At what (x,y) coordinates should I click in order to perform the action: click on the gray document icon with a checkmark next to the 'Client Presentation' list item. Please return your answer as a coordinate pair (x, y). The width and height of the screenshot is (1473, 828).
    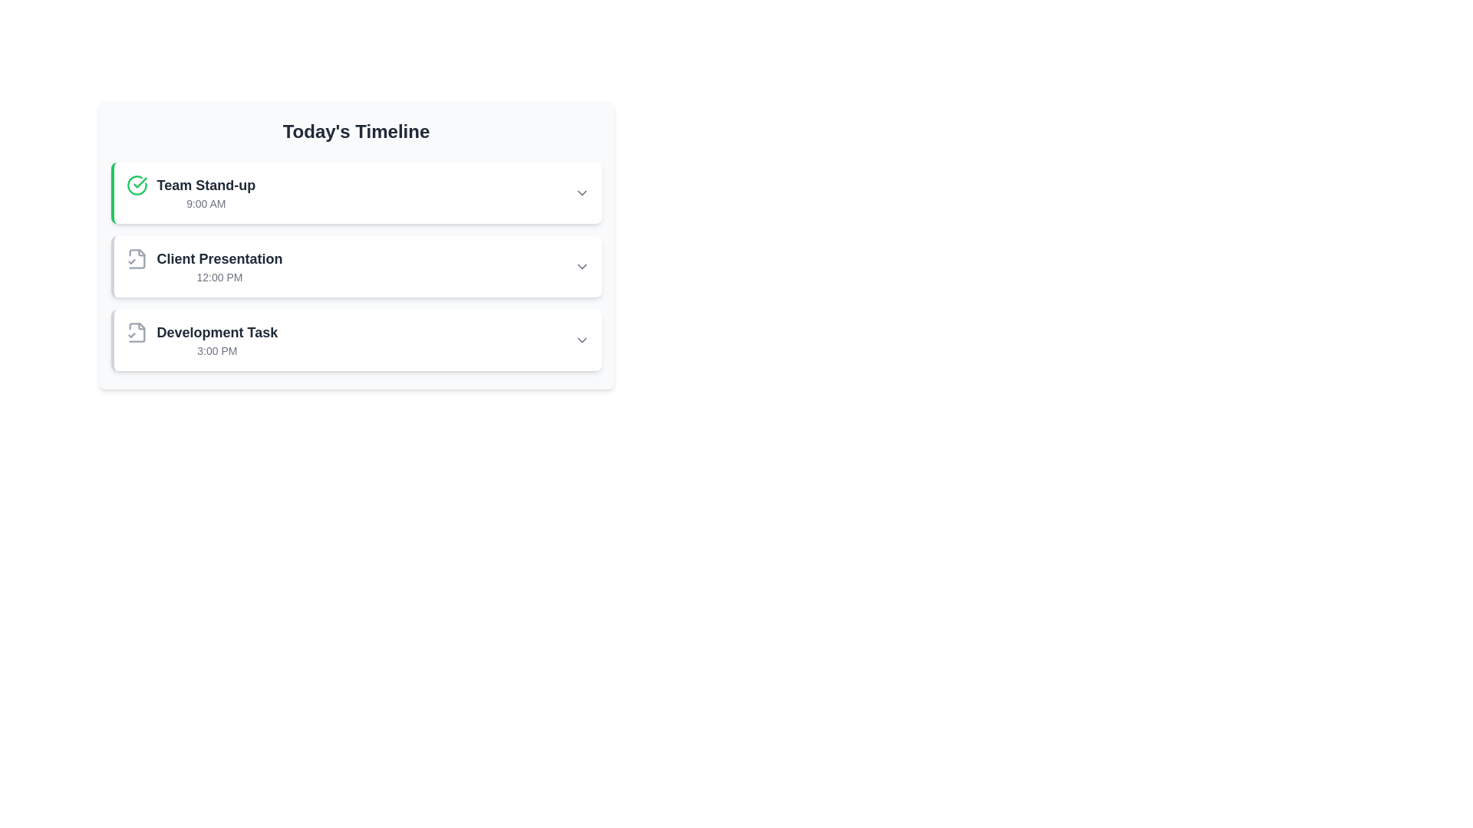
    Looking at the image, I should click on (137, 258).